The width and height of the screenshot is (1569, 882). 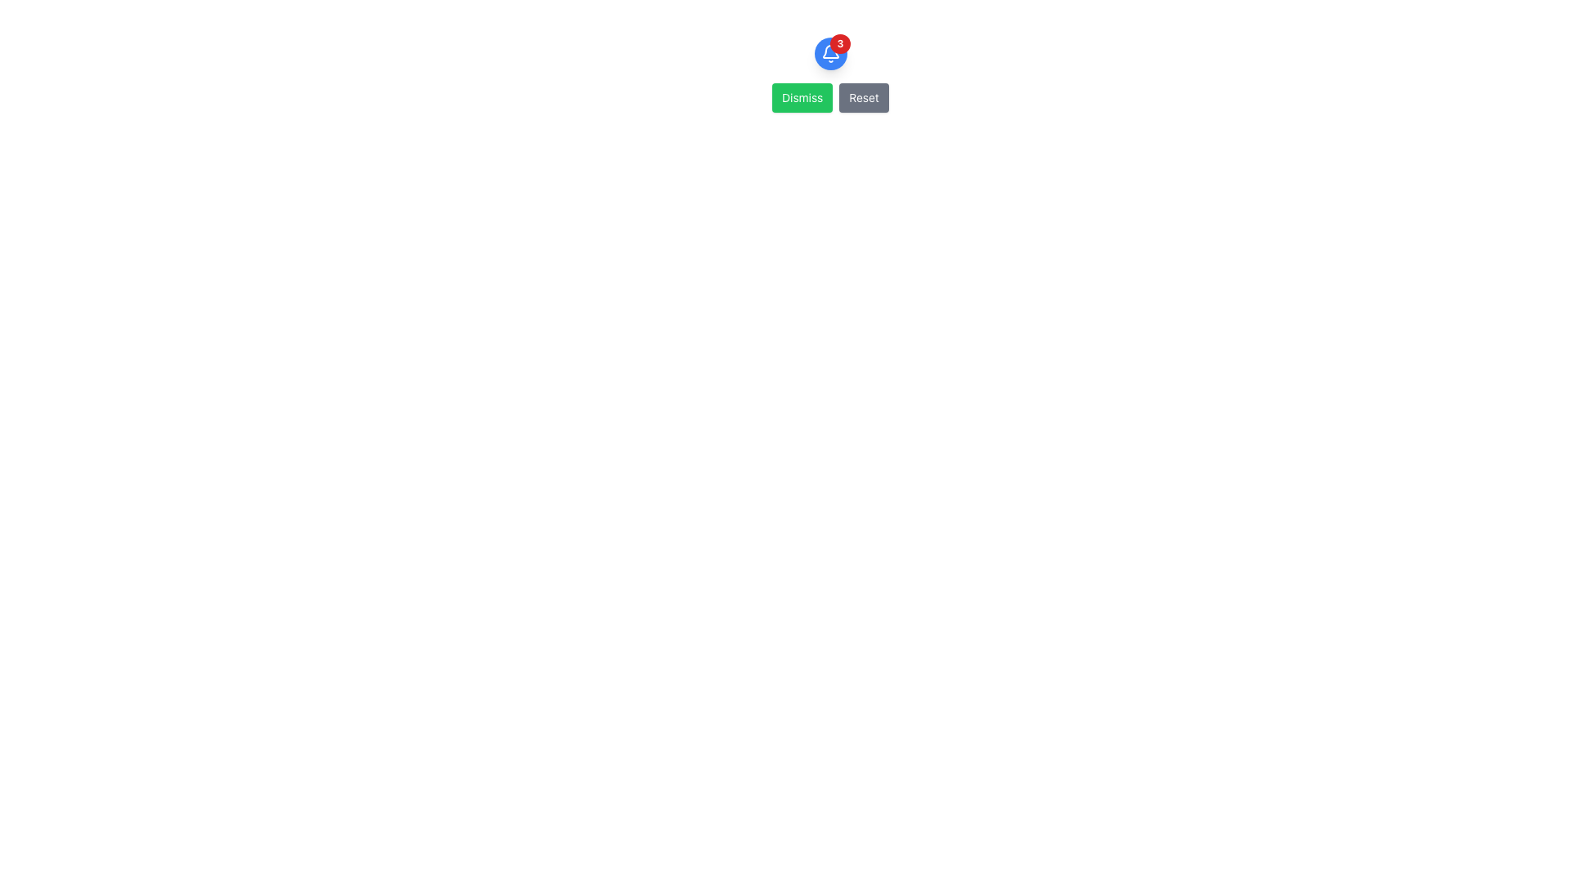 I want to click on the Notification badge, which is a small circular badge with a bright red background and the number '3' displayed in bold white text, positioned at the upper-right corner of a blue circular button, so click(x=840, y=43).